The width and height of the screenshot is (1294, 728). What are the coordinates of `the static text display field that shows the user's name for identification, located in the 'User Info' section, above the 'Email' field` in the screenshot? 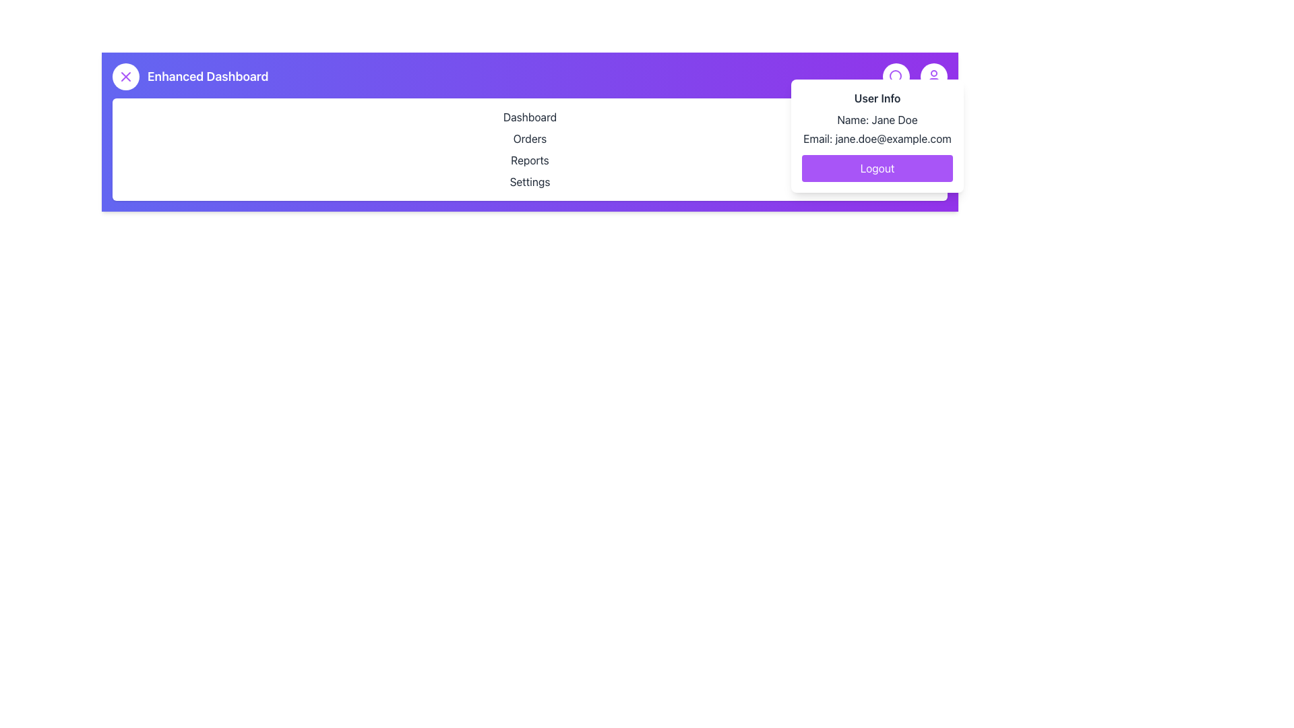 It's located at (877, 119).